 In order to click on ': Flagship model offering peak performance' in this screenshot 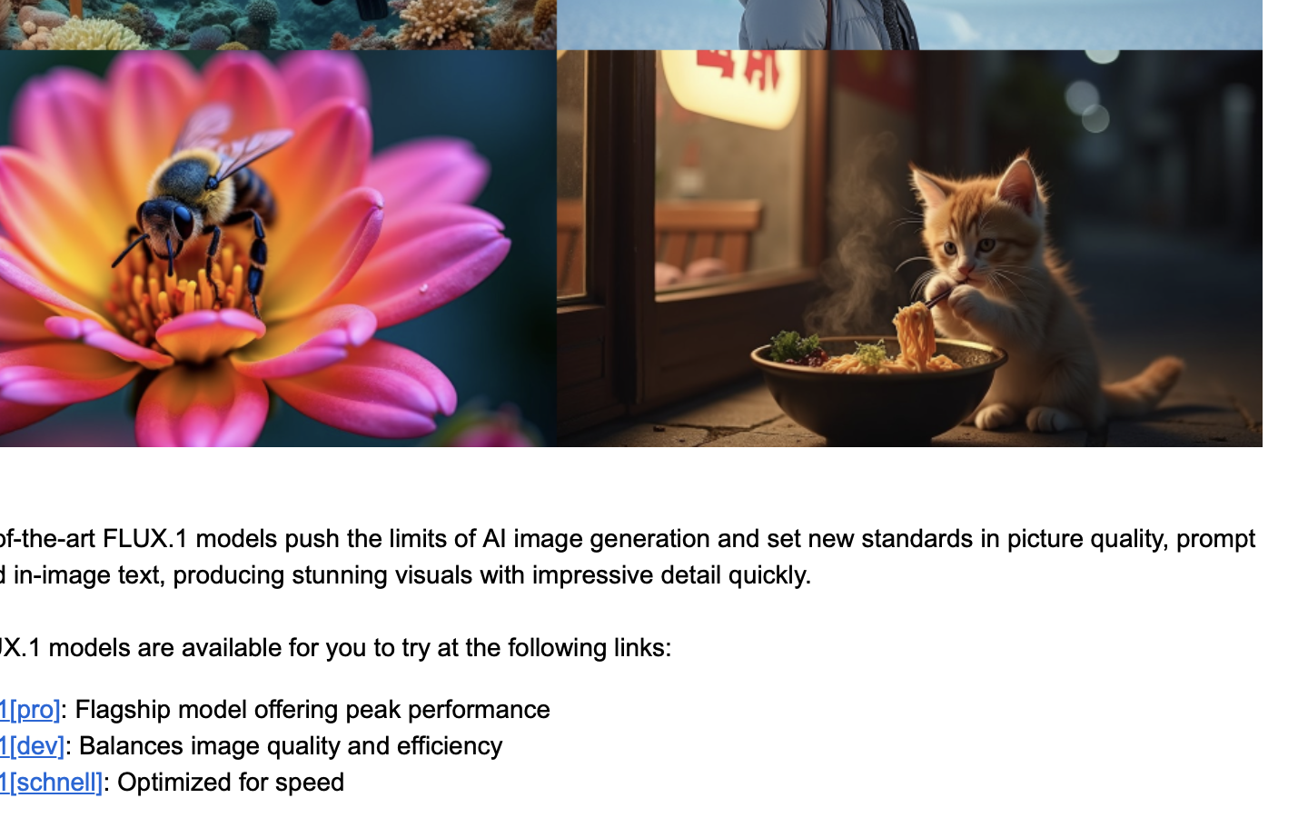, I will do `click(305, 708)`.